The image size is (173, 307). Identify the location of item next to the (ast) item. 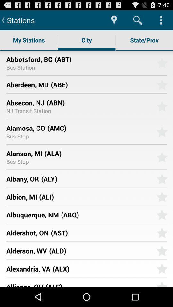
(27, 232).